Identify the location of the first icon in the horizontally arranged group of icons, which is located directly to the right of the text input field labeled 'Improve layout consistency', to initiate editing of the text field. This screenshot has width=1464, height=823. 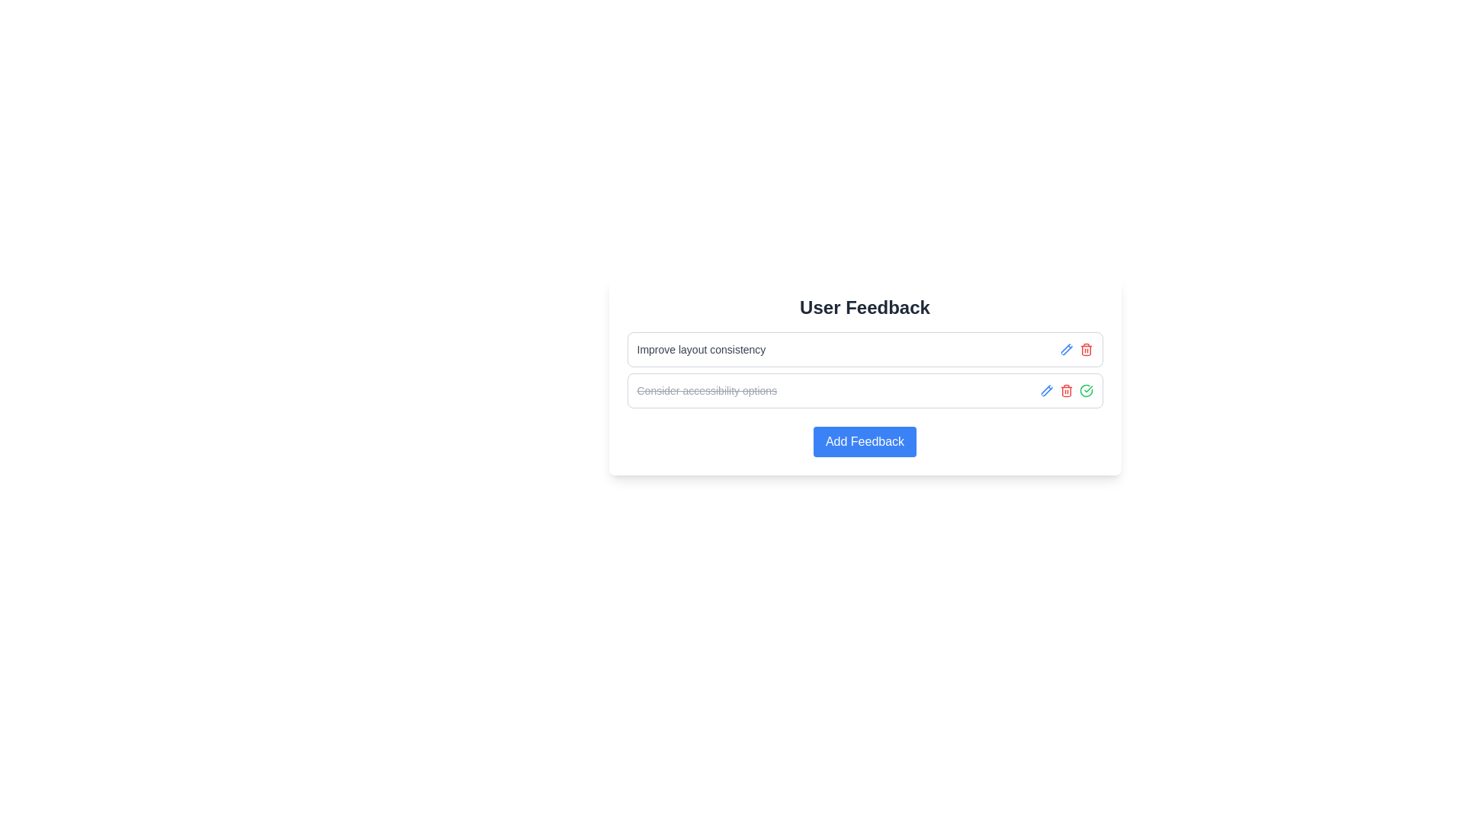
(1065, 350).